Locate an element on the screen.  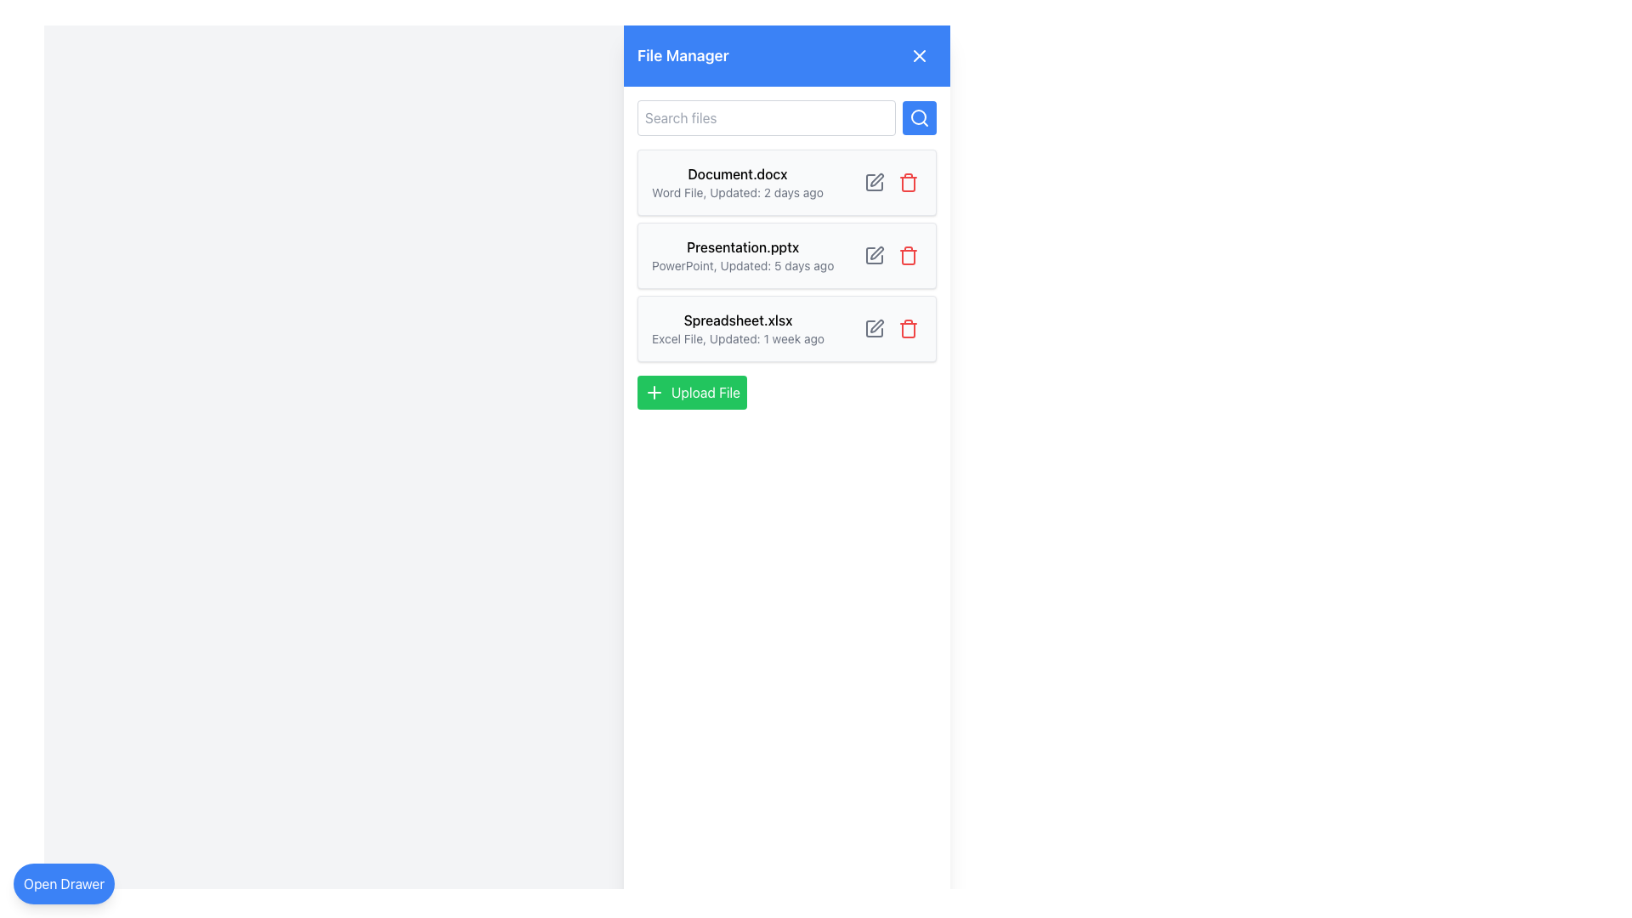
the small pen icon button, which is located in the third row of 'Spreadsheet.xlsx', aligned to the right of the row's text description and to the left of a red trash icon is located at coordinates (874, 328).